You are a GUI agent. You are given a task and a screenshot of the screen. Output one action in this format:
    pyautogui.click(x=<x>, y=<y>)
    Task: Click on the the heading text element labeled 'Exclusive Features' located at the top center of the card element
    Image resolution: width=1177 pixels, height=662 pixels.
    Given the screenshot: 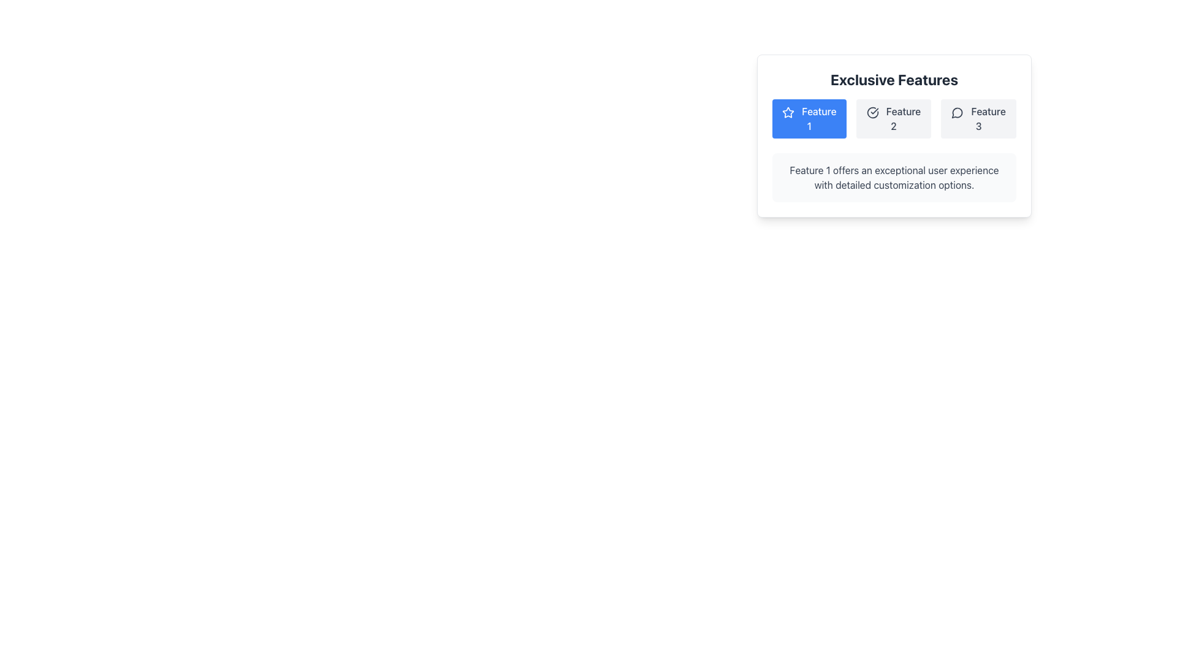 What is the action you would take?
    pyautogui.click(x=894, y=80)
    